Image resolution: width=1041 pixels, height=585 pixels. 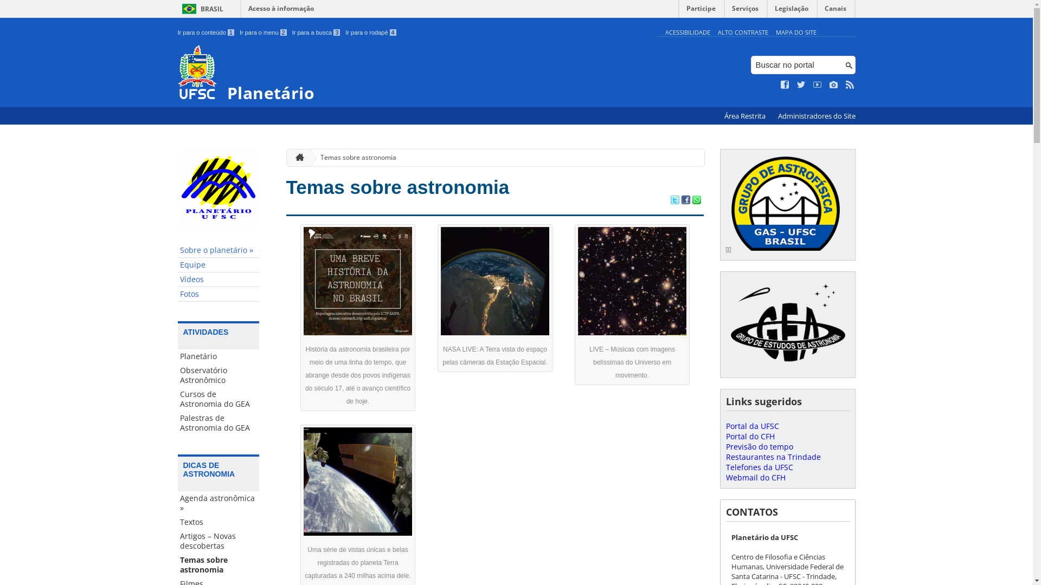 What do you see at coordinates (686, 31) in the screenshot?
I see `'ACESSIBILIDADE'` at bounding box center [686, 31].